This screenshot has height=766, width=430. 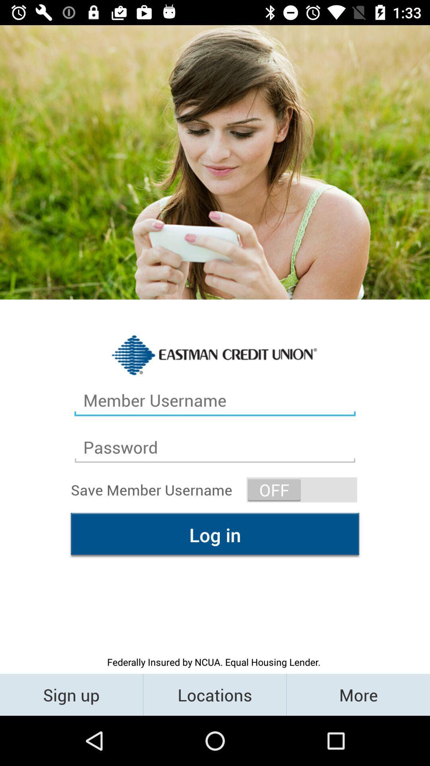 I want to click on the item next to the locations, so click(x=358, y=694).